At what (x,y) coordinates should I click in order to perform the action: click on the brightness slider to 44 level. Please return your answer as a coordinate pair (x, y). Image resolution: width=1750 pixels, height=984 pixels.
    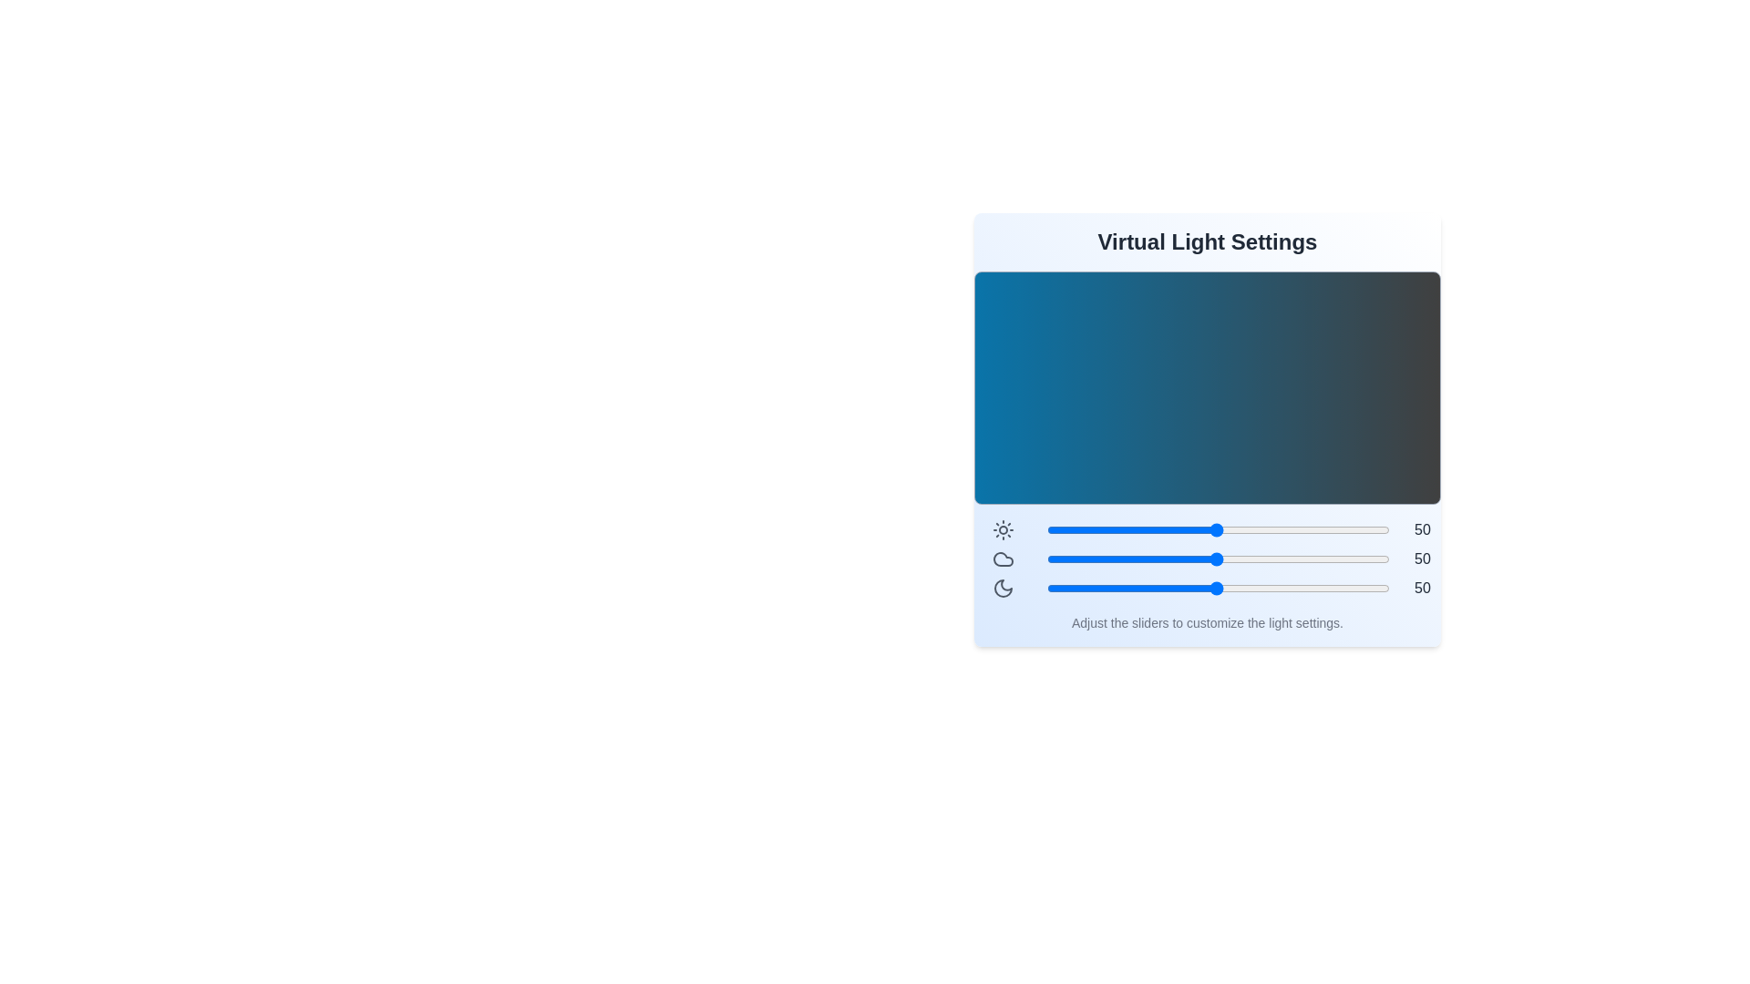
    Looking at the image, I should click on (1196, 530).